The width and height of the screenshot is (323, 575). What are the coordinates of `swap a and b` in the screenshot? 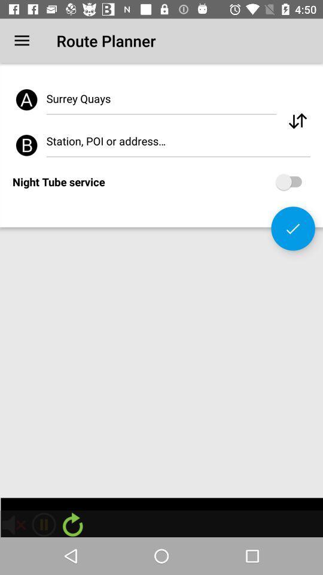 It's located at (297, 121).